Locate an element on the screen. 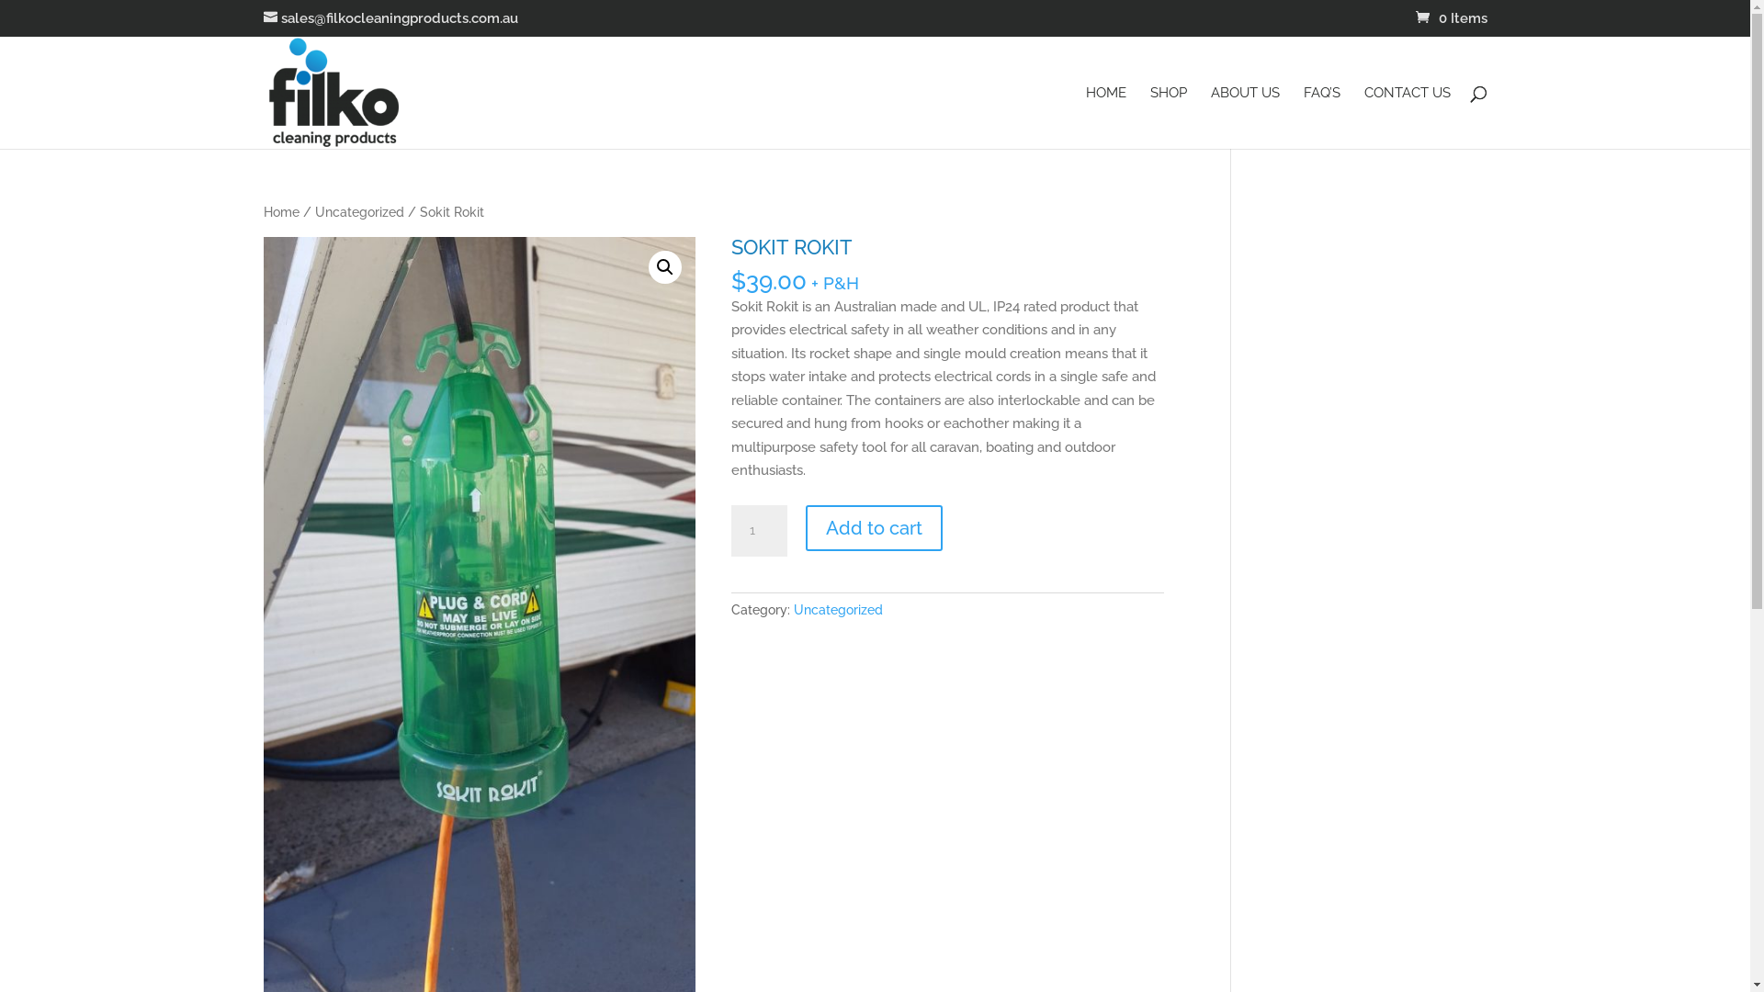 This screenshot has height=992, width=1764. 'ABOUT US' is located at coordinates (1245, 117).